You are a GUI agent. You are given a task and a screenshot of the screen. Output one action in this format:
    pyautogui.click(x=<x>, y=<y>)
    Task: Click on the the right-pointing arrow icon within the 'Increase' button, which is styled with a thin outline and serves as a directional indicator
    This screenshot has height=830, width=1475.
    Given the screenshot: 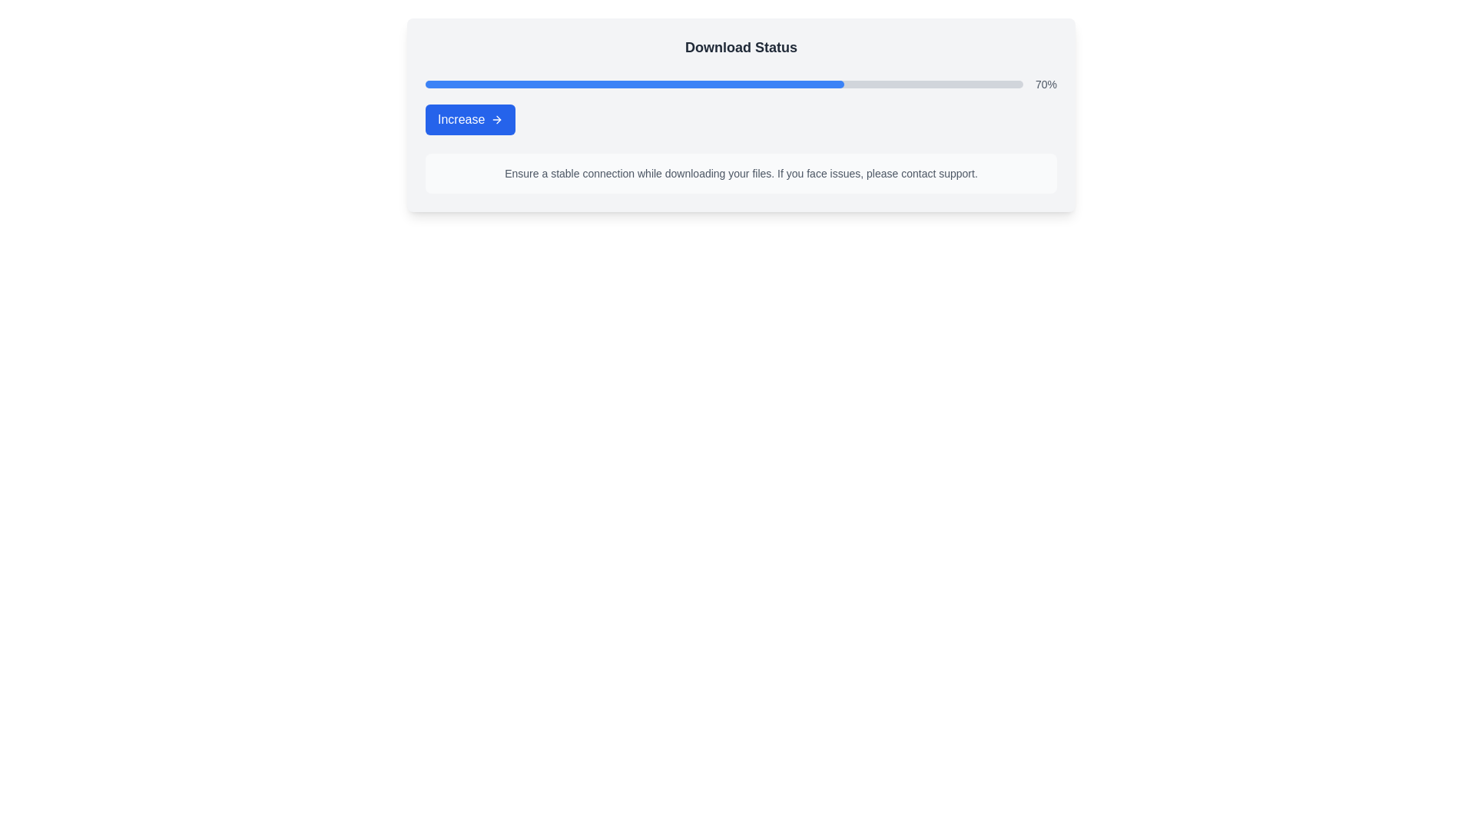 What is the action you would take?
    pyautogui.click(x=497, y=118)
    